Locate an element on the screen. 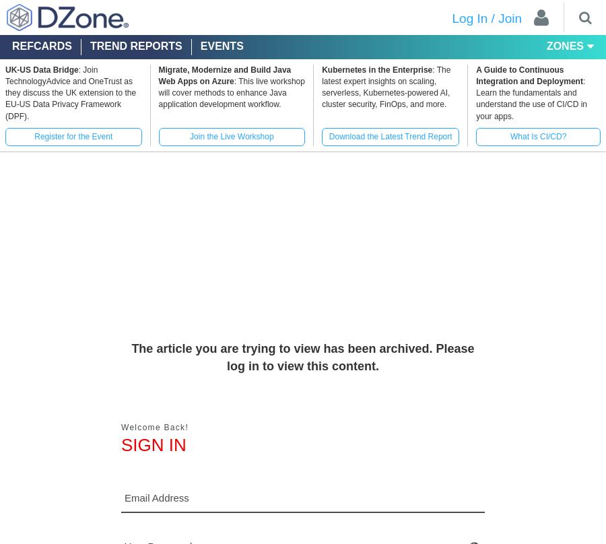 The width and height of the screenshot is (606, 544). ': Learn the fundamentals and understand the use of CI/CD in your apps.' is located at coordinates (531, 98).